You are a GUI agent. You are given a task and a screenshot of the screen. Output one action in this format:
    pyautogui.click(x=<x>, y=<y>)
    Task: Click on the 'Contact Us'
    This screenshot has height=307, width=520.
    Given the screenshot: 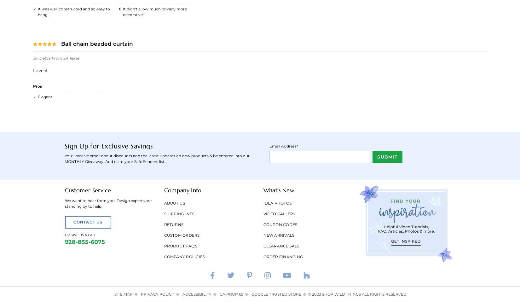 What is the action you would take?
    pyautogui.click(x=73, y=222)
    